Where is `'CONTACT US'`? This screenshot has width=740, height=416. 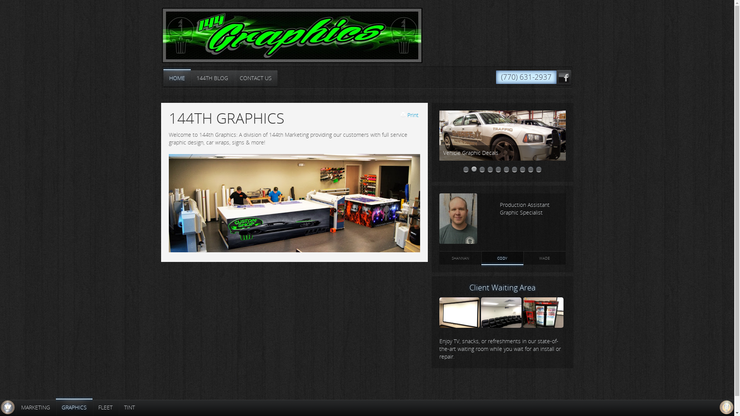
'CONTACT US' is located at coordinates (233, 78).